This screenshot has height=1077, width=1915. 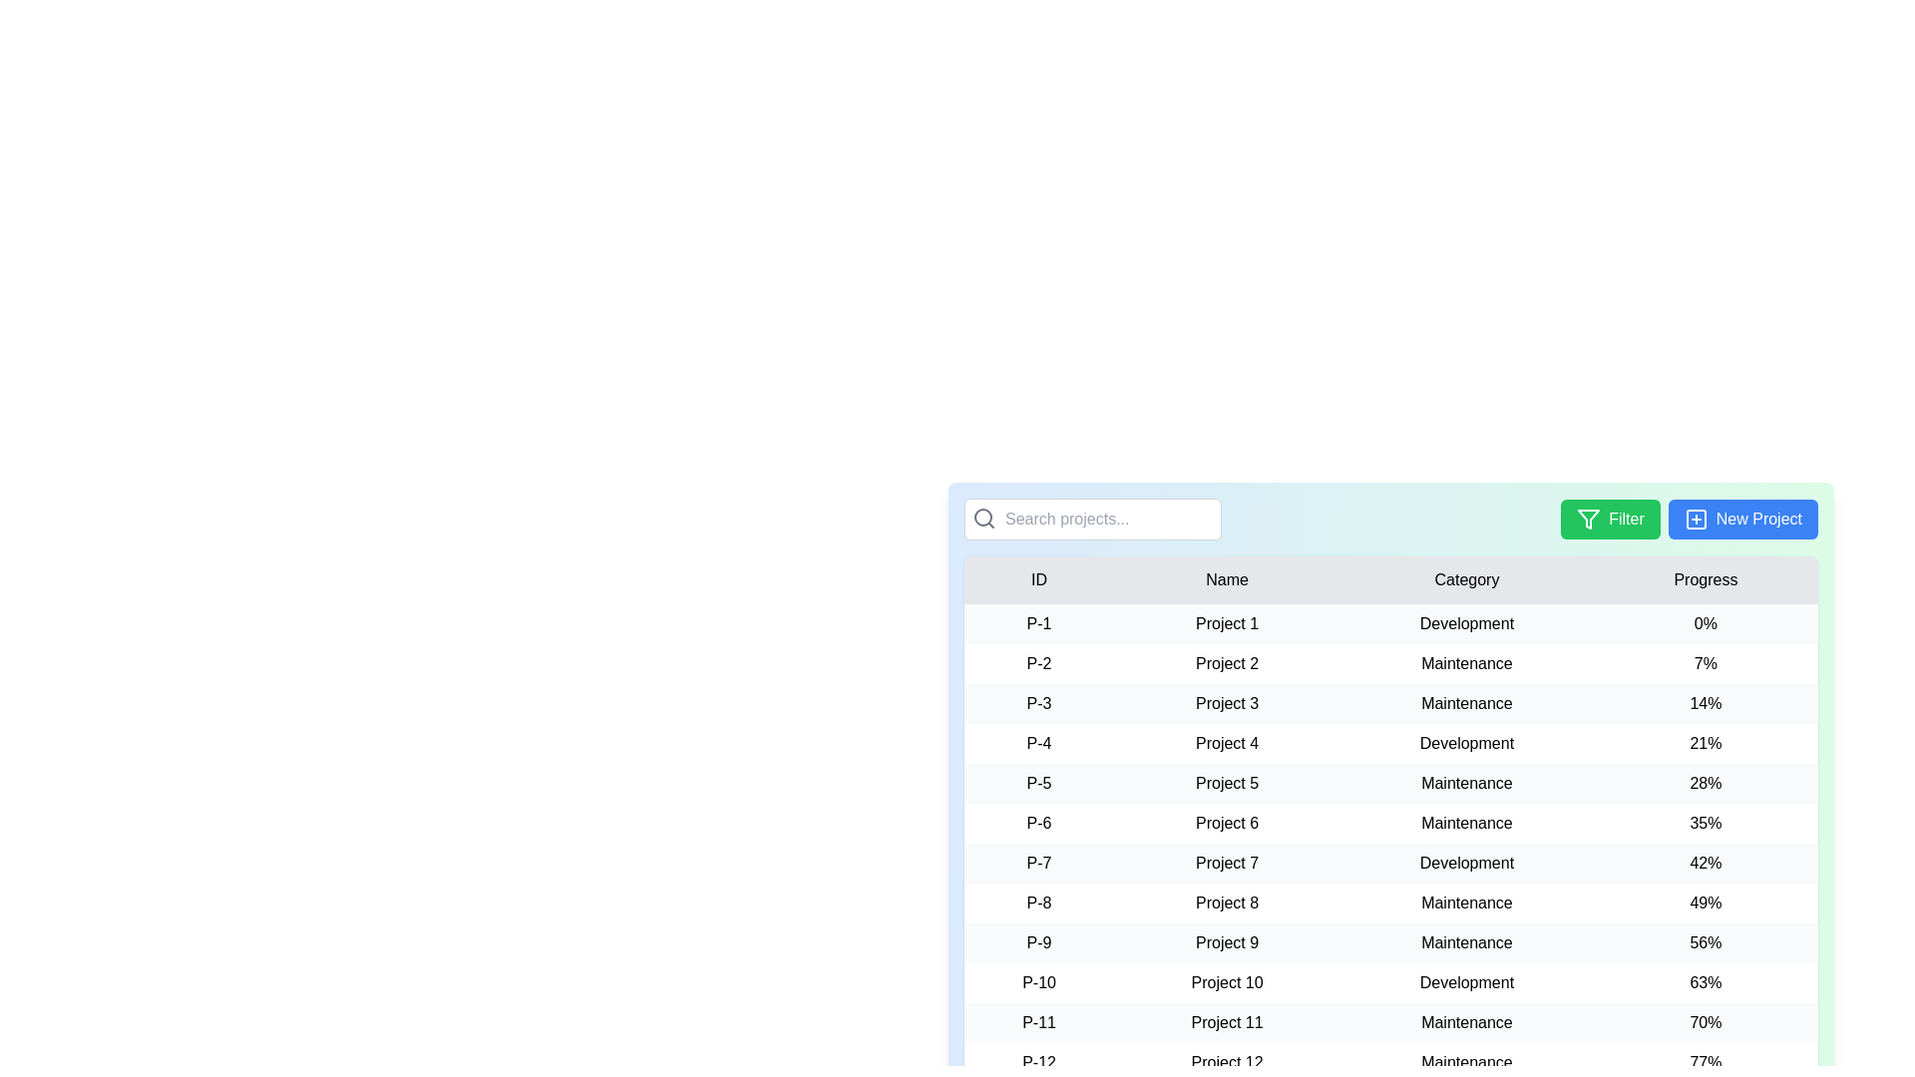 I want to click on the Filter button to view its hover effect, so click(x=1610, y=518).